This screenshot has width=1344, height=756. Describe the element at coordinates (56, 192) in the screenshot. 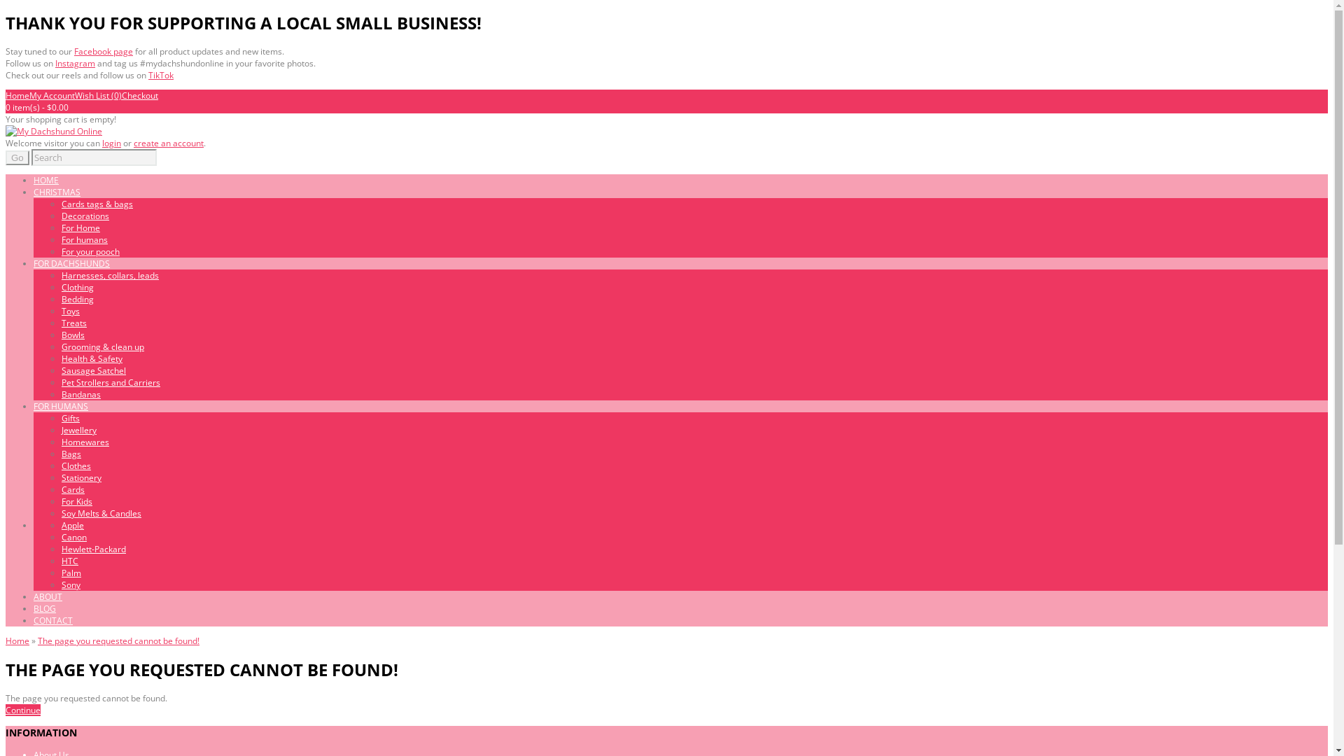

I see `'CHRISTMAS'` at that location.